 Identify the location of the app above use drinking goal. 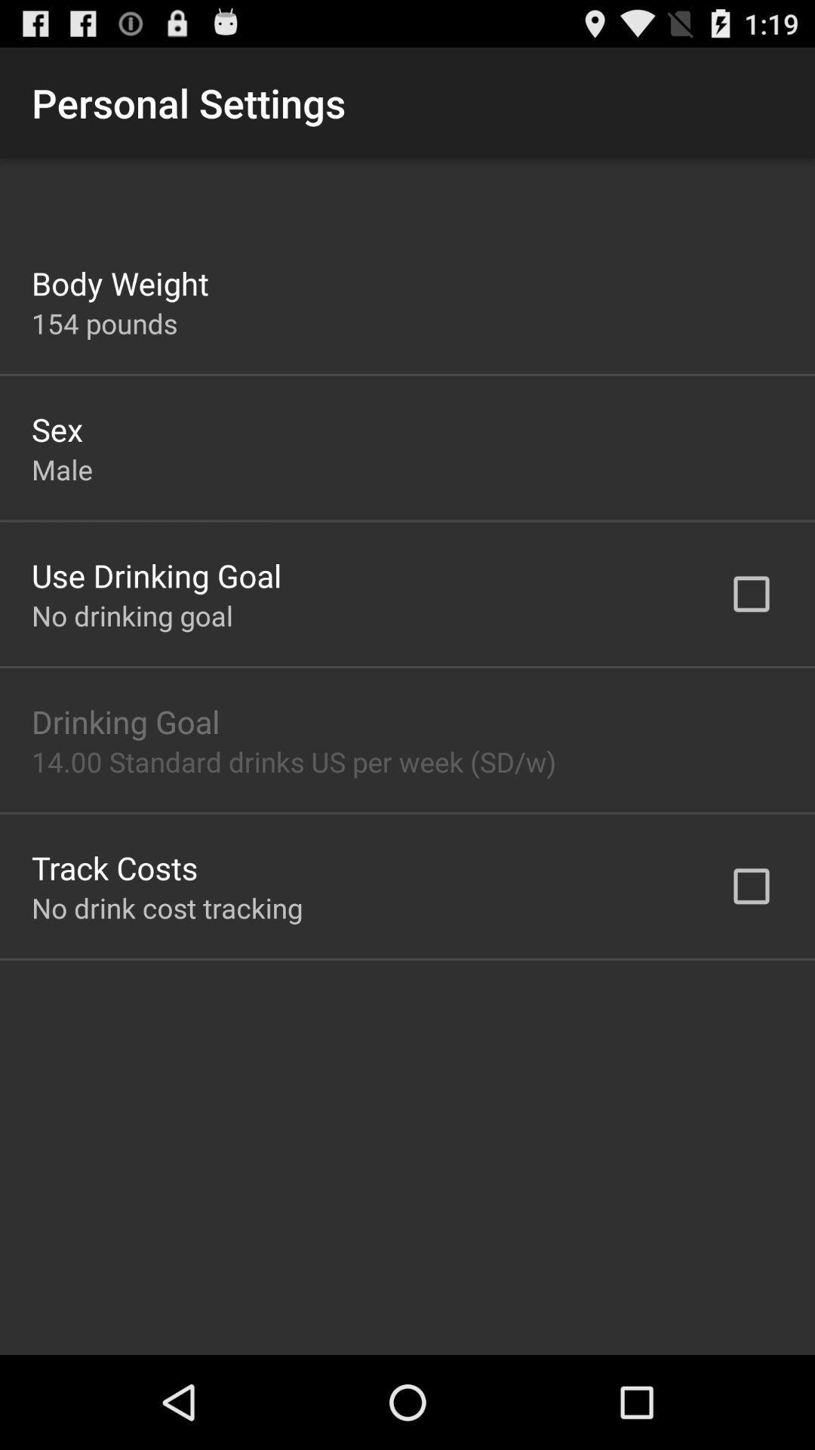
(61, 468).